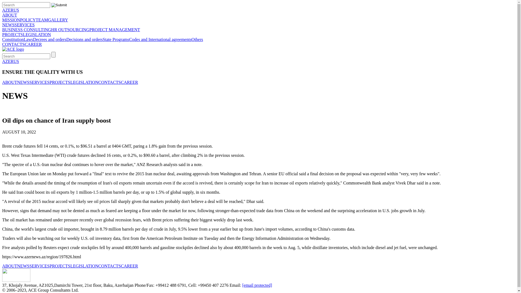  I want to click on 'BUSINESS CONSULTING', so click(2, 30).